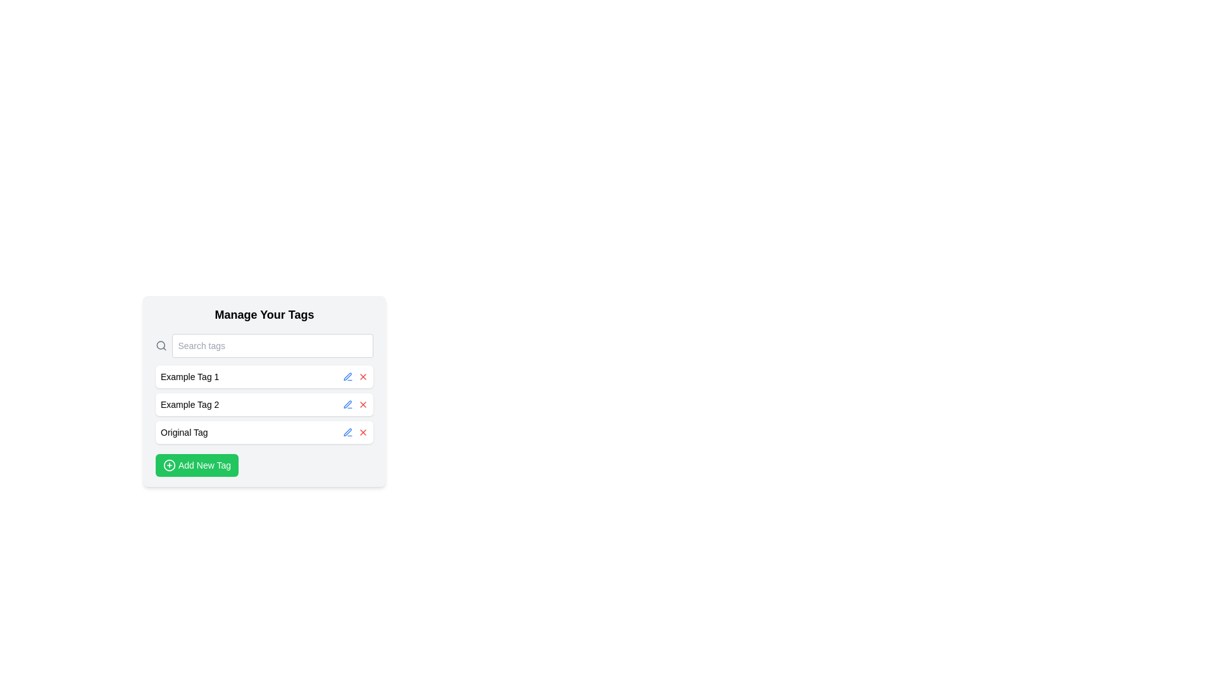  Describe the element at coordinates (196, 465) in the screenshot. I see `the button located at the bottom of the 'Manage Your Tags' panel` at that location.